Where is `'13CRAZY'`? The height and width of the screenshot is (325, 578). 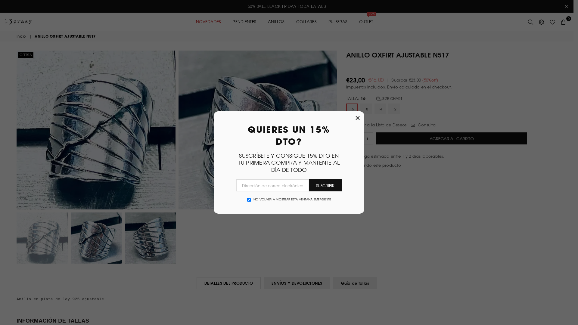
'13CRAZY' is located at coordinates (4, 21).